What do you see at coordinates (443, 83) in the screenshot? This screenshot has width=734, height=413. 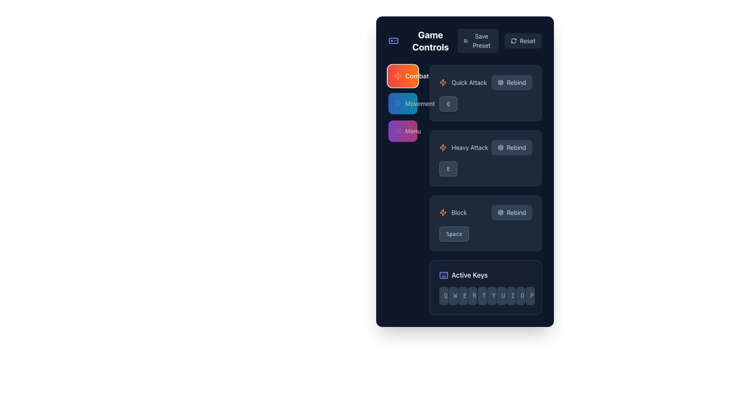 I see `the decorative 'Combat' icon located within the 'Combat' button on the left-hand side of the interface` at bounding box center [443, 83].